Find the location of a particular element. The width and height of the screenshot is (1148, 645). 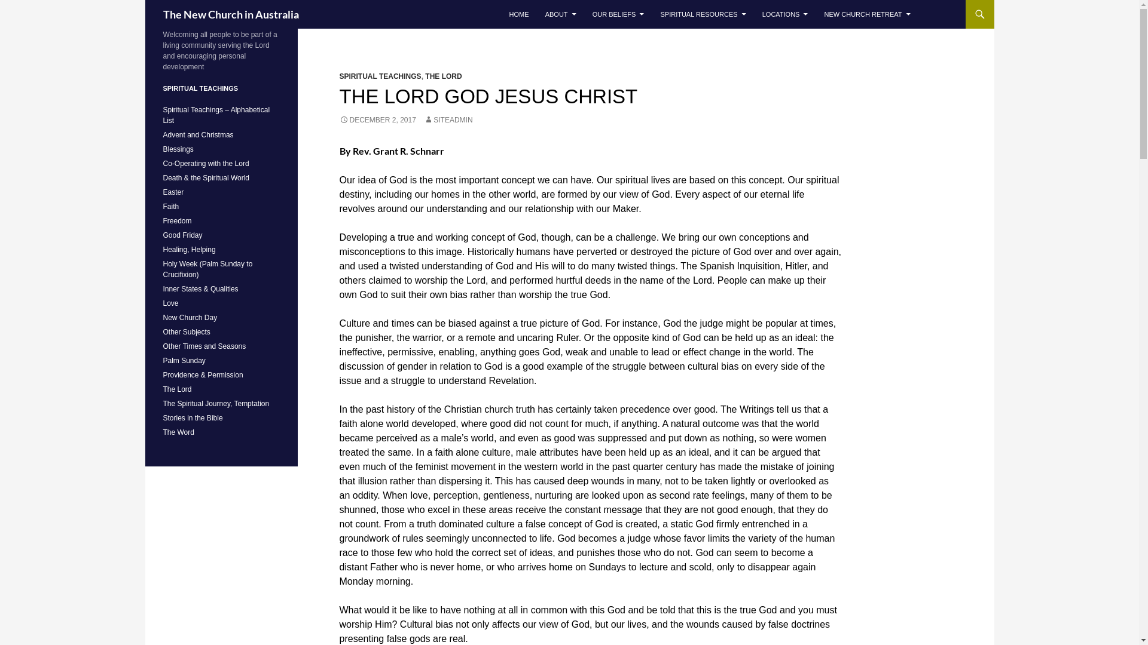

'Stories in the Bible' is located at coordinates (192, 417).